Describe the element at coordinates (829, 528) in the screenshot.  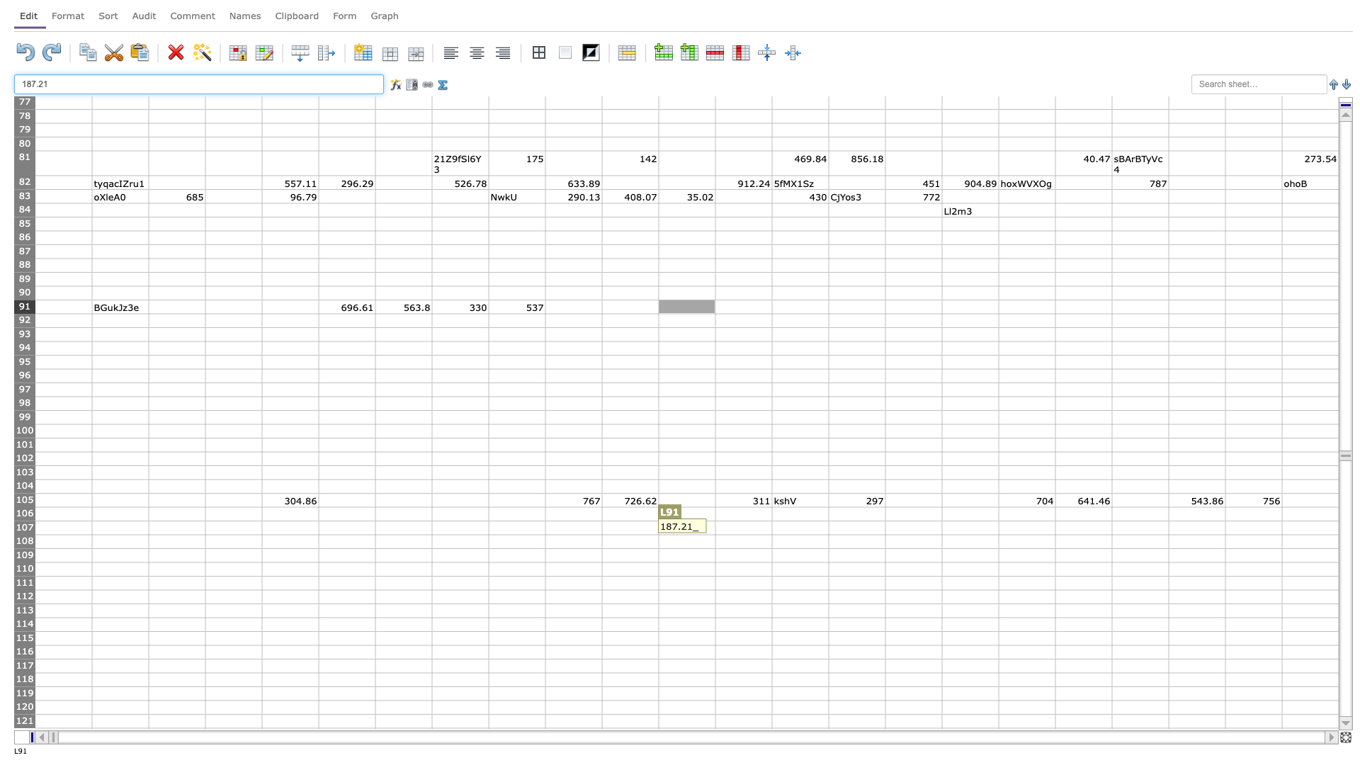
I see `right edge of cell N107` at that location.